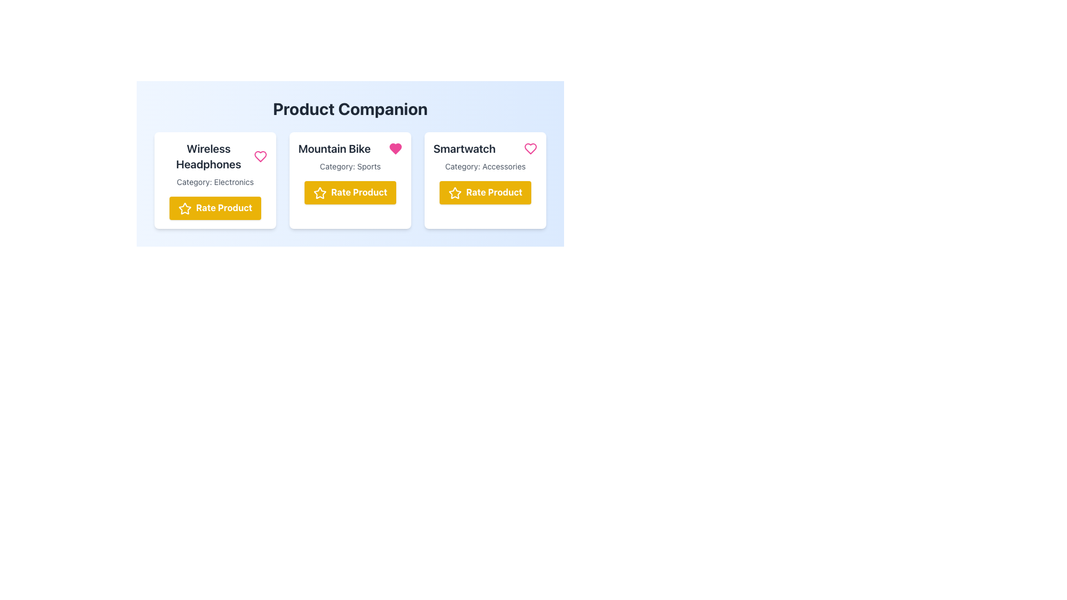 Image resolution: width=1067 pixels, height=600 pixels. I want to click on the pink heart-shaped icon located in the top-right corner of the 'Smartwatch' card for tooltip or highlight, so click(530, 148).